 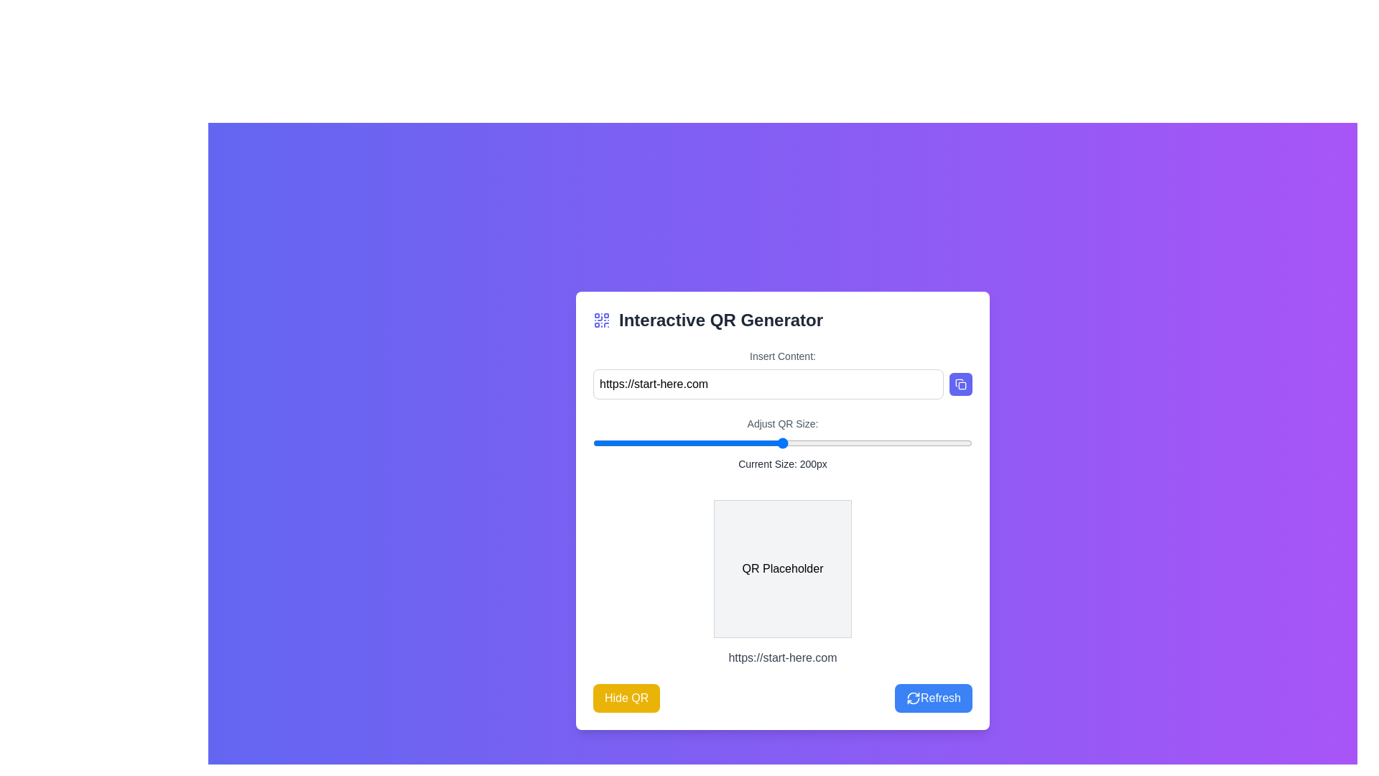 I want to click on the QR code size, so click(x=781, y=443).